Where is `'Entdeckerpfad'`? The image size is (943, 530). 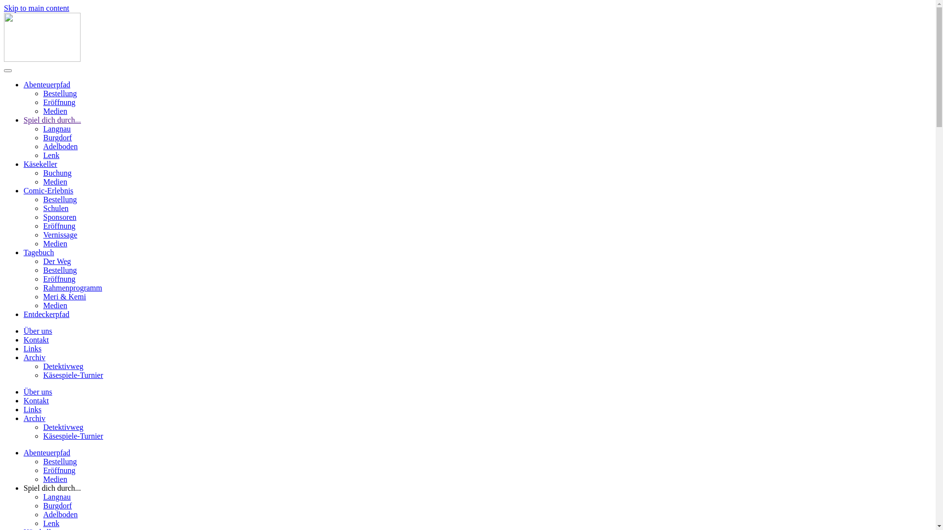
'Entdeckerpfad' is located at coordinates (46, 314).